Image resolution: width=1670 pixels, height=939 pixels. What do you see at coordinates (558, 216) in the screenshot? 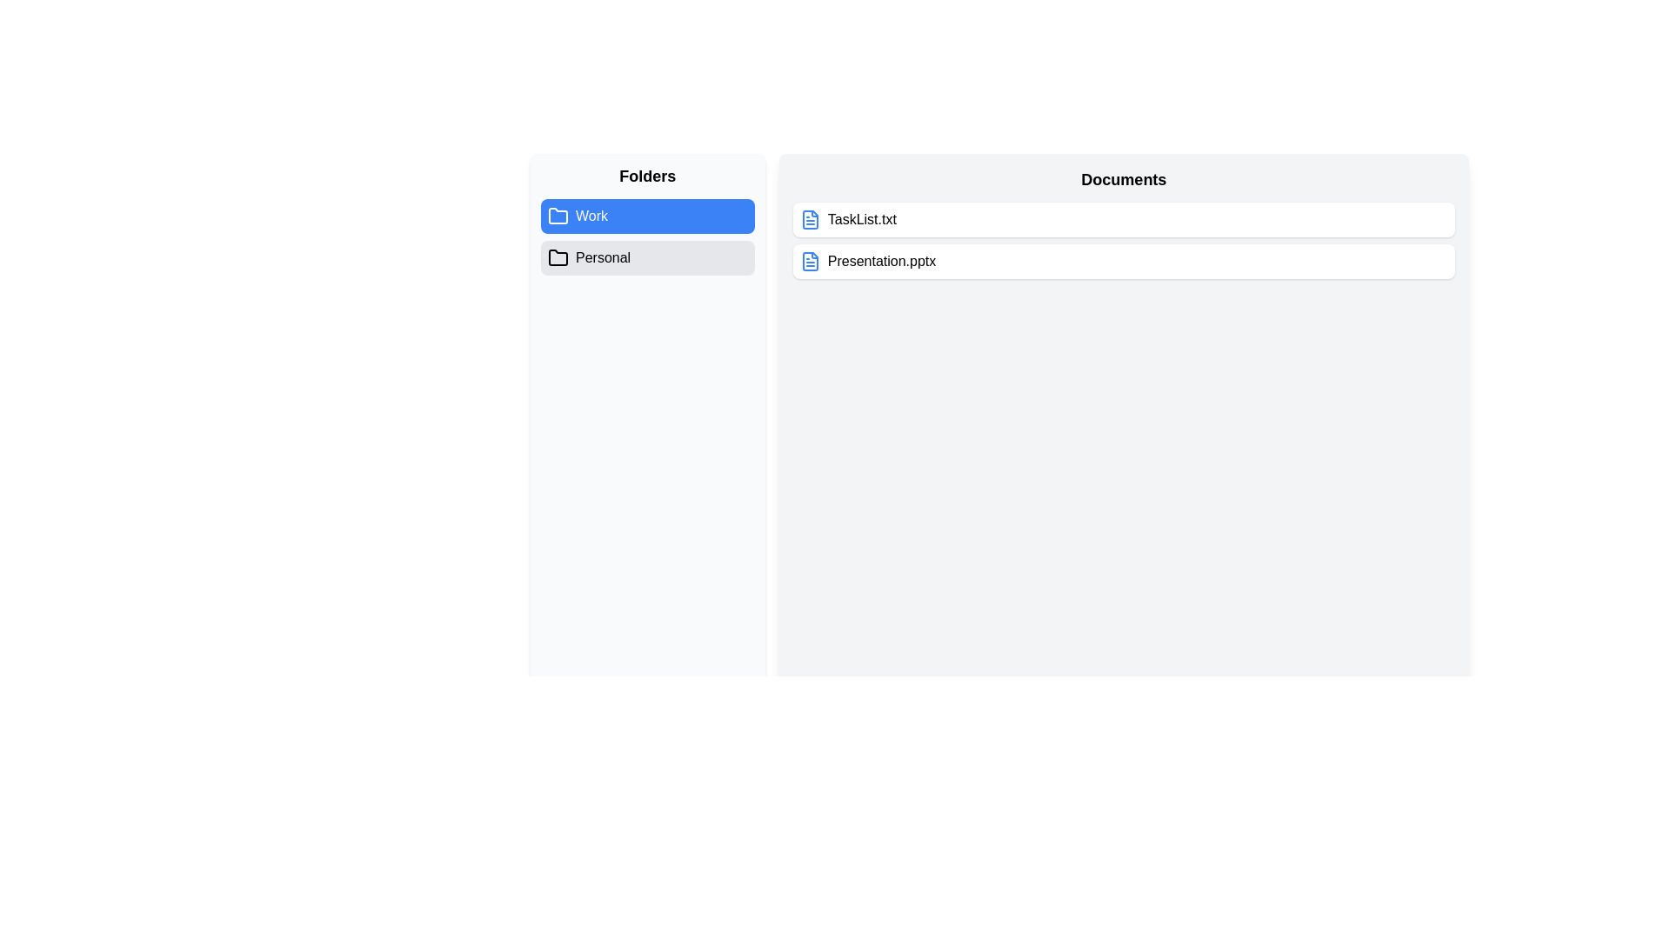
I see `the folder icon associated with the 'Work' label, which is located in the 'Folders' section of the interface` at bounding box center [558, 216].